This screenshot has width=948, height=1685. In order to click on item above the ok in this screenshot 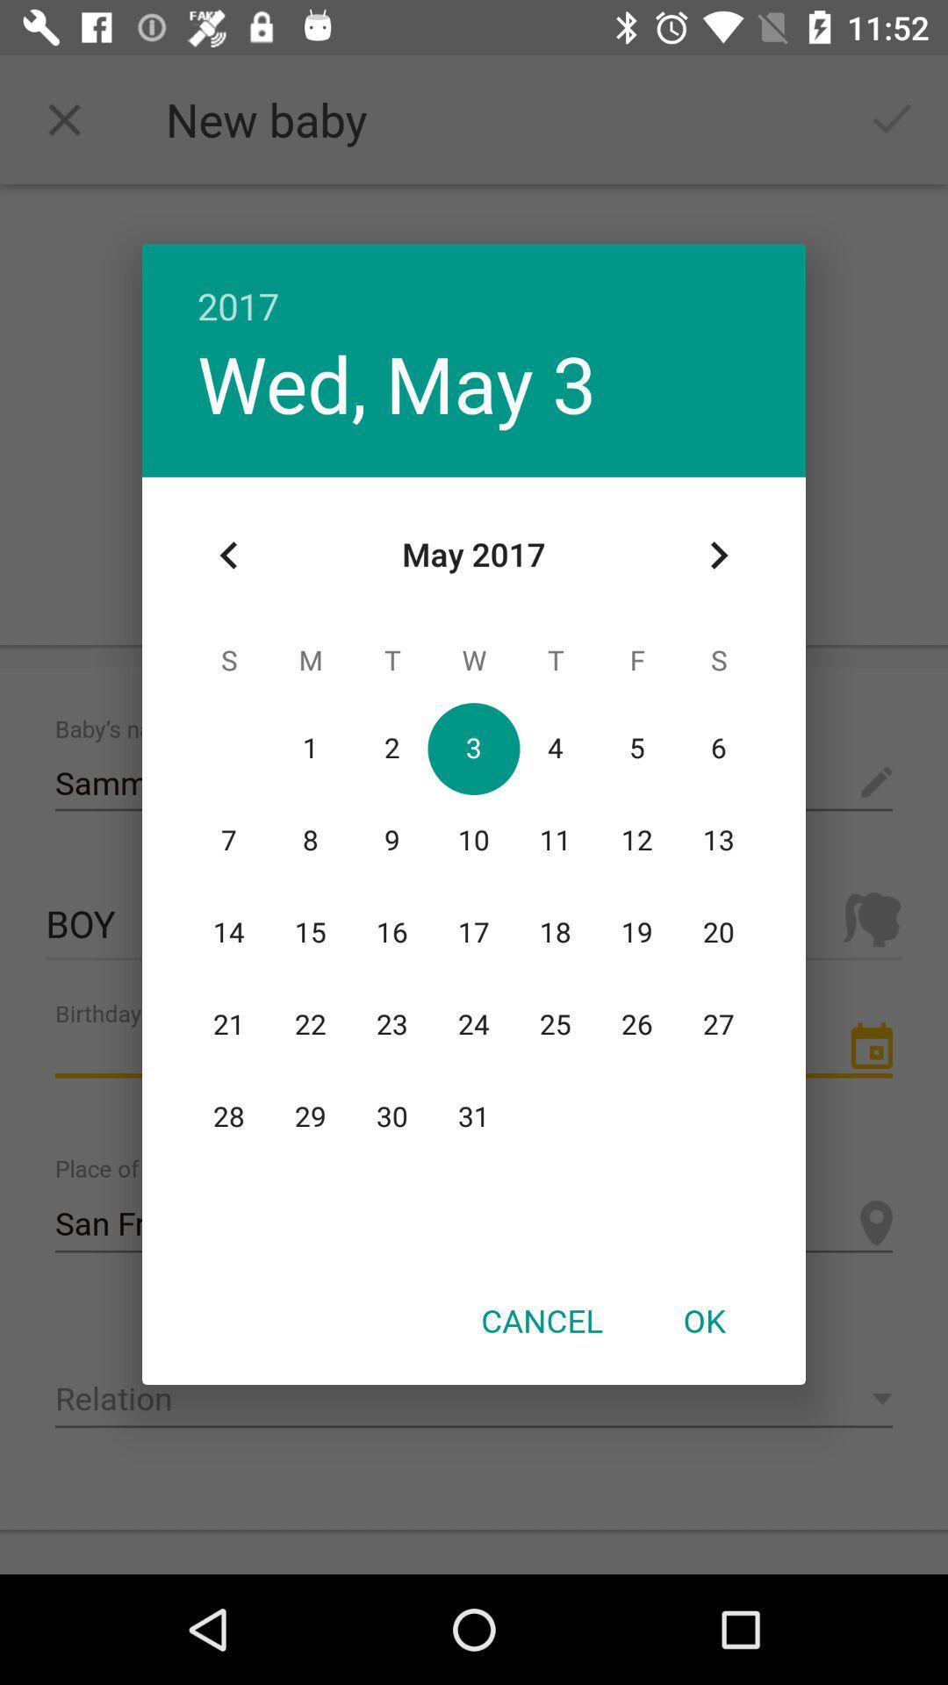, I will do `click(718, 555)`.